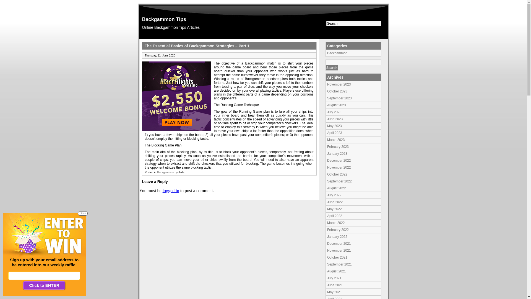 This screenshot has height=299, width=531. I want to click on 'Backgammon', so click(157, 172).